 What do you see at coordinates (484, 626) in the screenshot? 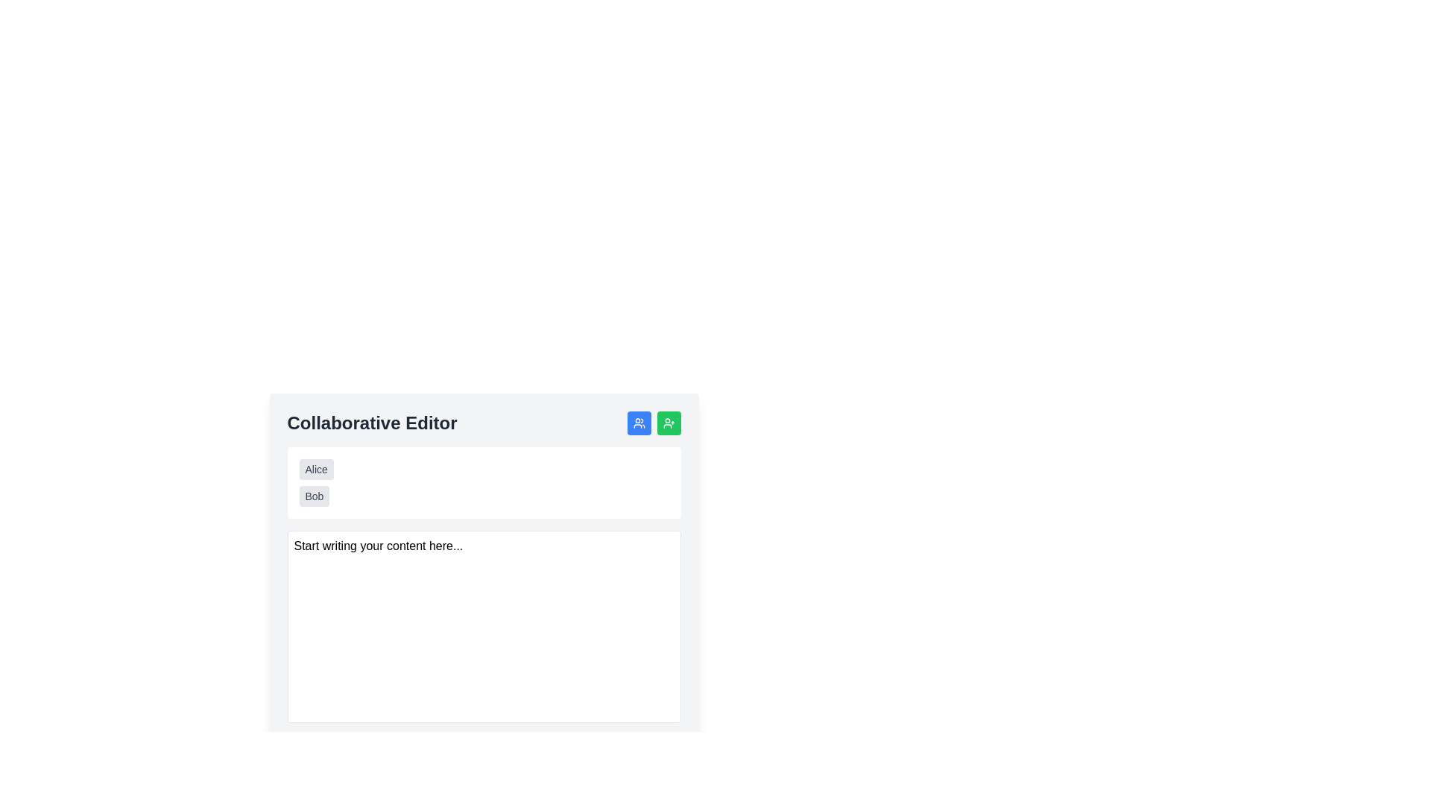
I see `text within the textarea styled as a large white box with rounded corners, located in the 'Collaborative Editor' panel, just below the labels 'Alice' and 'Bob'` at bounding box center [484, 626].